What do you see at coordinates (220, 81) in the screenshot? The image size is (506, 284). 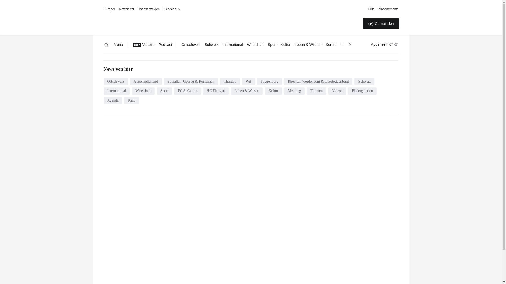 I see `'Thurgau'` at bounding box center [220, 81].